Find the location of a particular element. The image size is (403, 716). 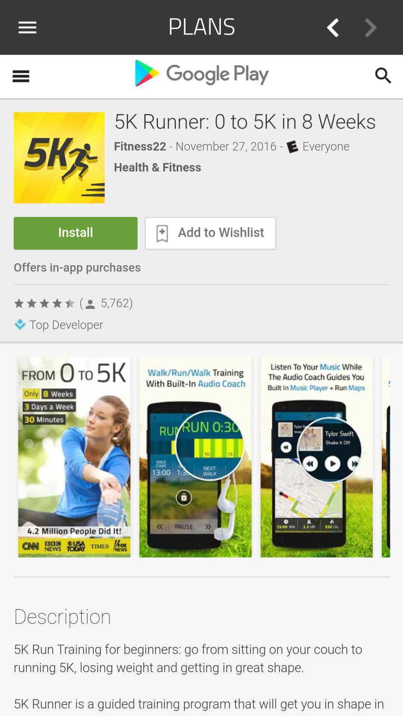

open menu is located at coordinates (30, 27).